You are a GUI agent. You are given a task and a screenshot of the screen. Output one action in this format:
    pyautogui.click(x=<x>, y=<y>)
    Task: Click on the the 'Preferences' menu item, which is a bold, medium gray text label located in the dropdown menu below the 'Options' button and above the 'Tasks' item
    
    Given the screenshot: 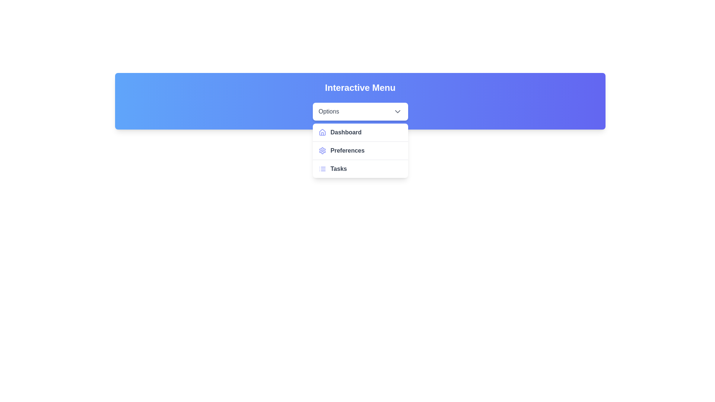 What is the action you would take?
    pyautogui.click(x=360, y=151)
    